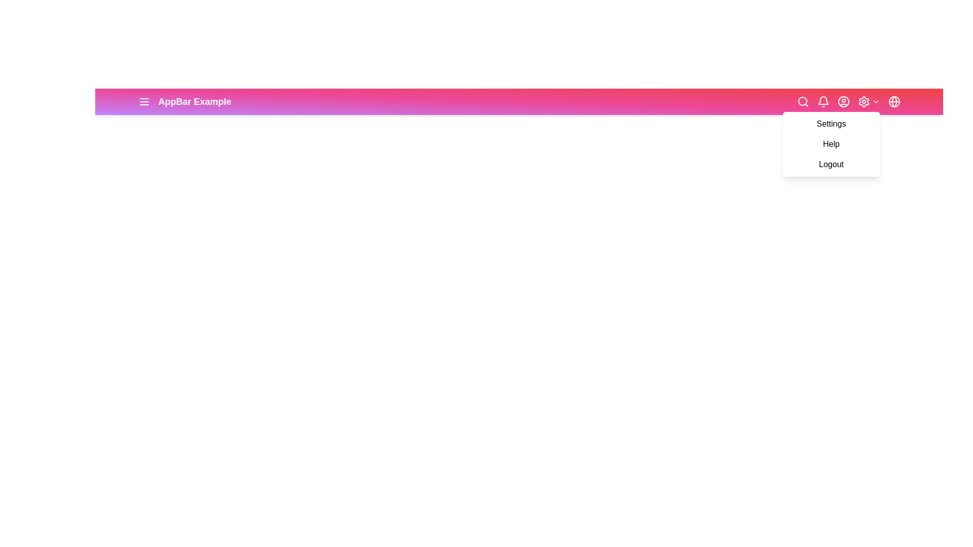 This screenshot has height=547, width=973. What do you see at coordinates (863, 101) in the screenshot?
I see `the settings button to open the dropdown menu` at bounding box center [863, 101].